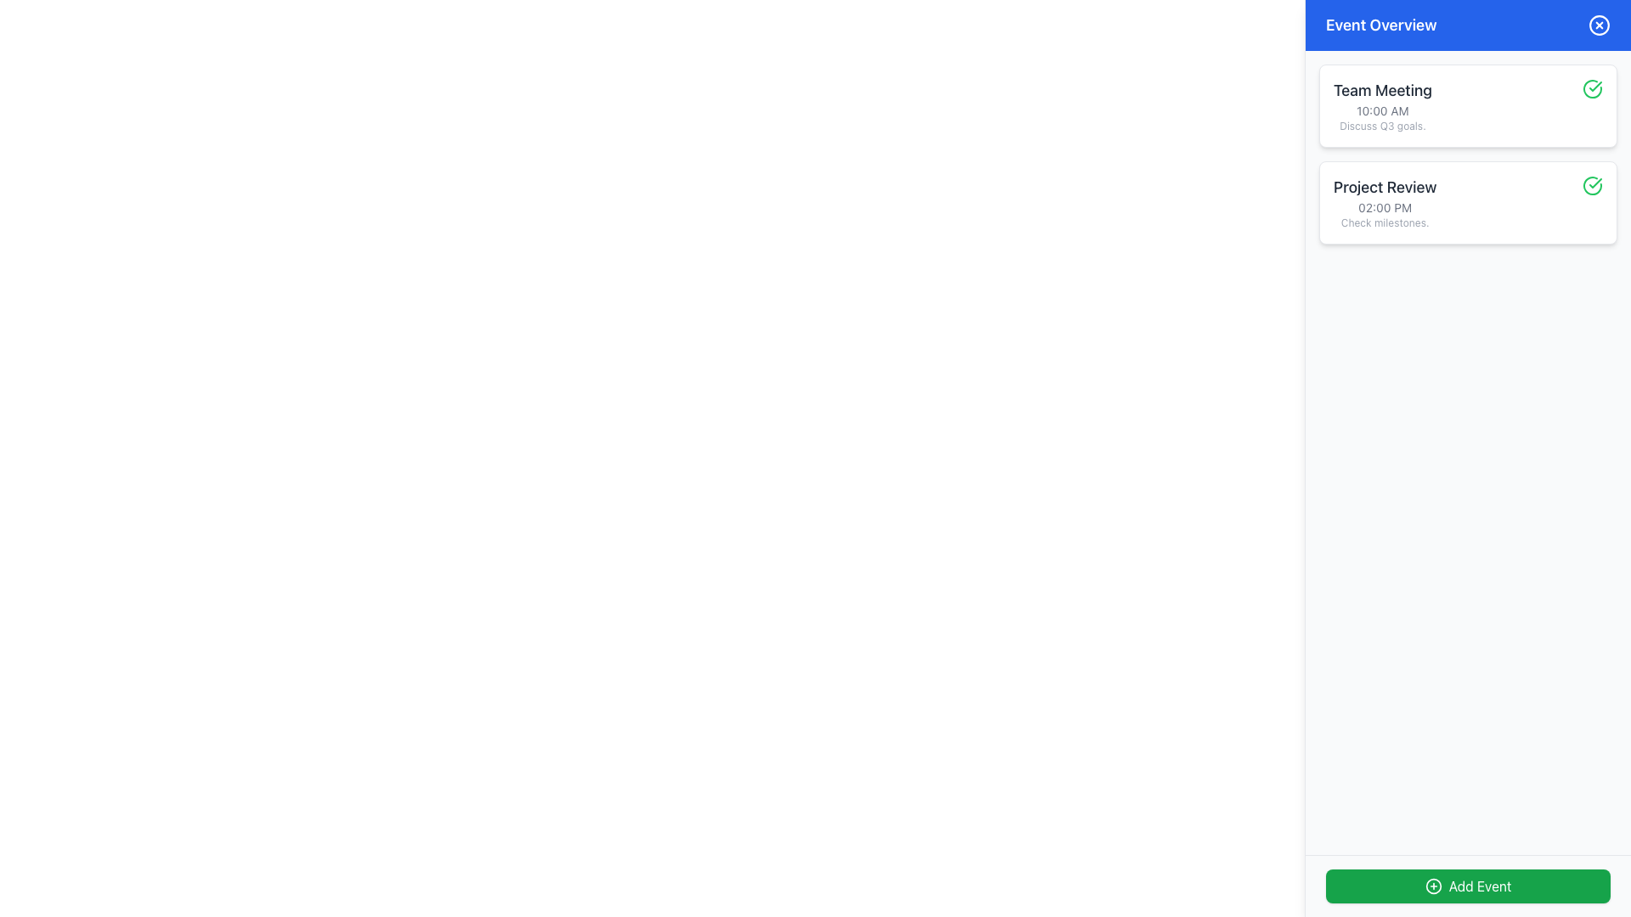  What do you see at coordinates (1382, 105) in the screenshot?
I see `the text block that describes the 'Team Meeting' scheduled for '10:00 AM' in the right-hand sidebar's topmost event card` at bounding box center [1382, 105].